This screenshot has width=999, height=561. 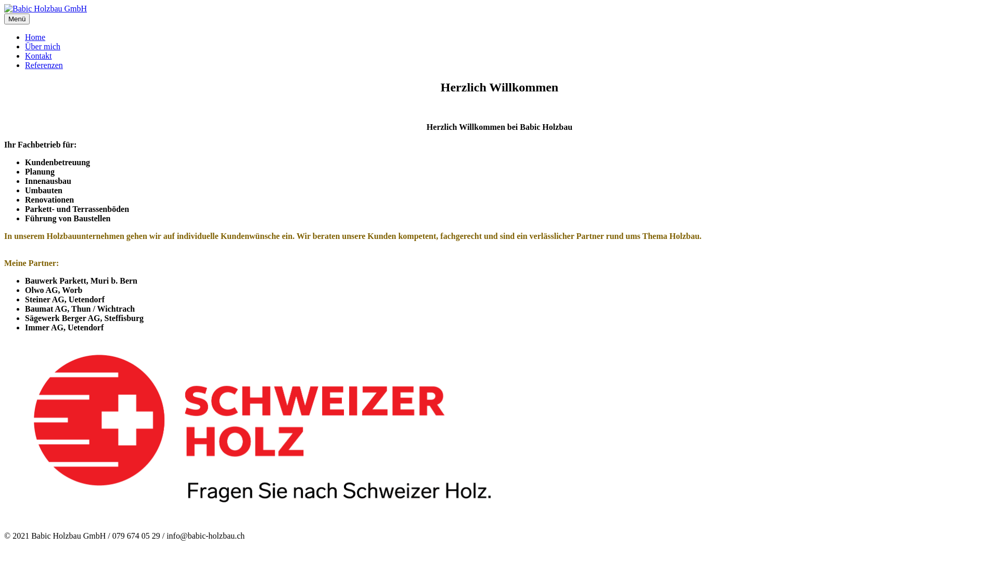 What do you see at coordinates (38, 56) in the screenshot?
I see `'Kontakt'` at bounding box center [38, 56].